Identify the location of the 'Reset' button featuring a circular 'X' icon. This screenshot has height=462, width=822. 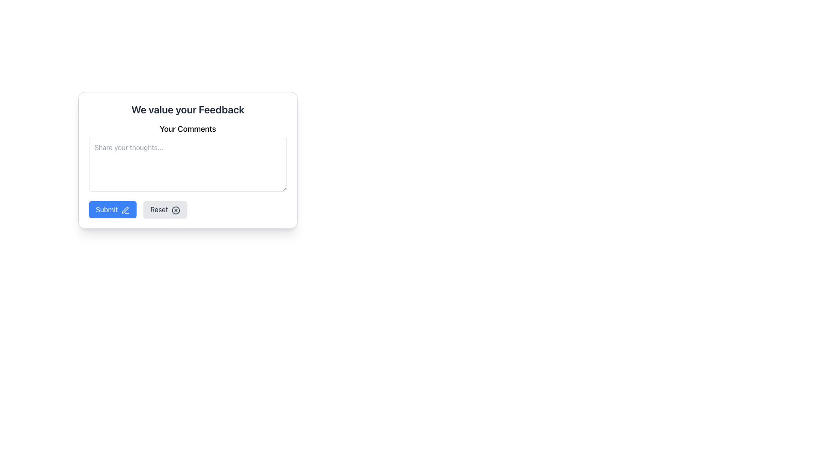
(165, 209).